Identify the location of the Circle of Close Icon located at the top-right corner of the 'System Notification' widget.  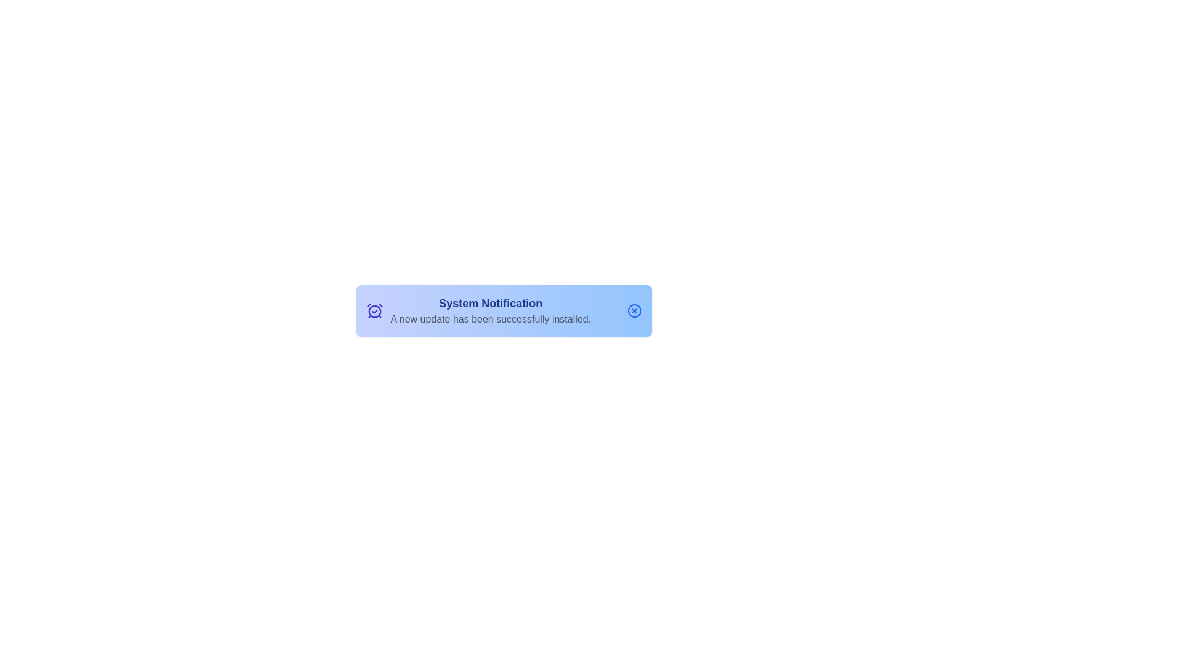
(634, 310).